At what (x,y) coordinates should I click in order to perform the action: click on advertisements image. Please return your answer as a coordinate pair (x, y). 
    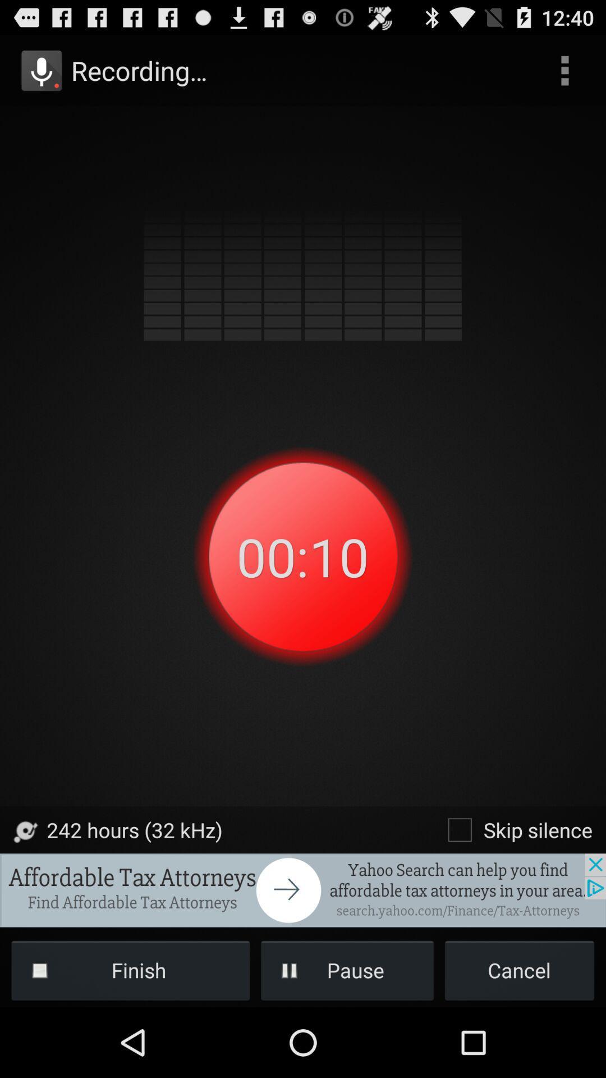
    Looking at the image, I should click on (303, 889).